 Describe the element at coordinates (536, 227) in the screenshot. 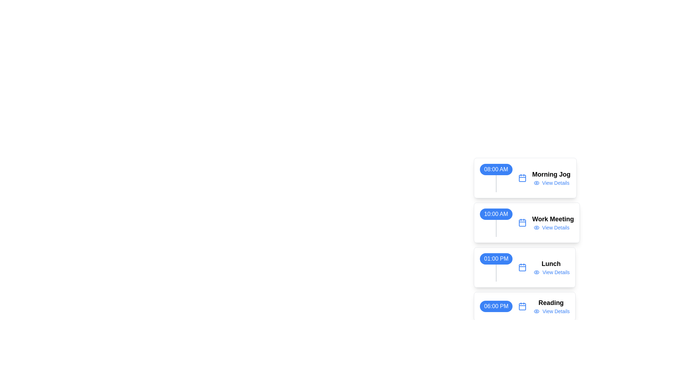

I see `the action button icon that visually indicates the option` at that location.